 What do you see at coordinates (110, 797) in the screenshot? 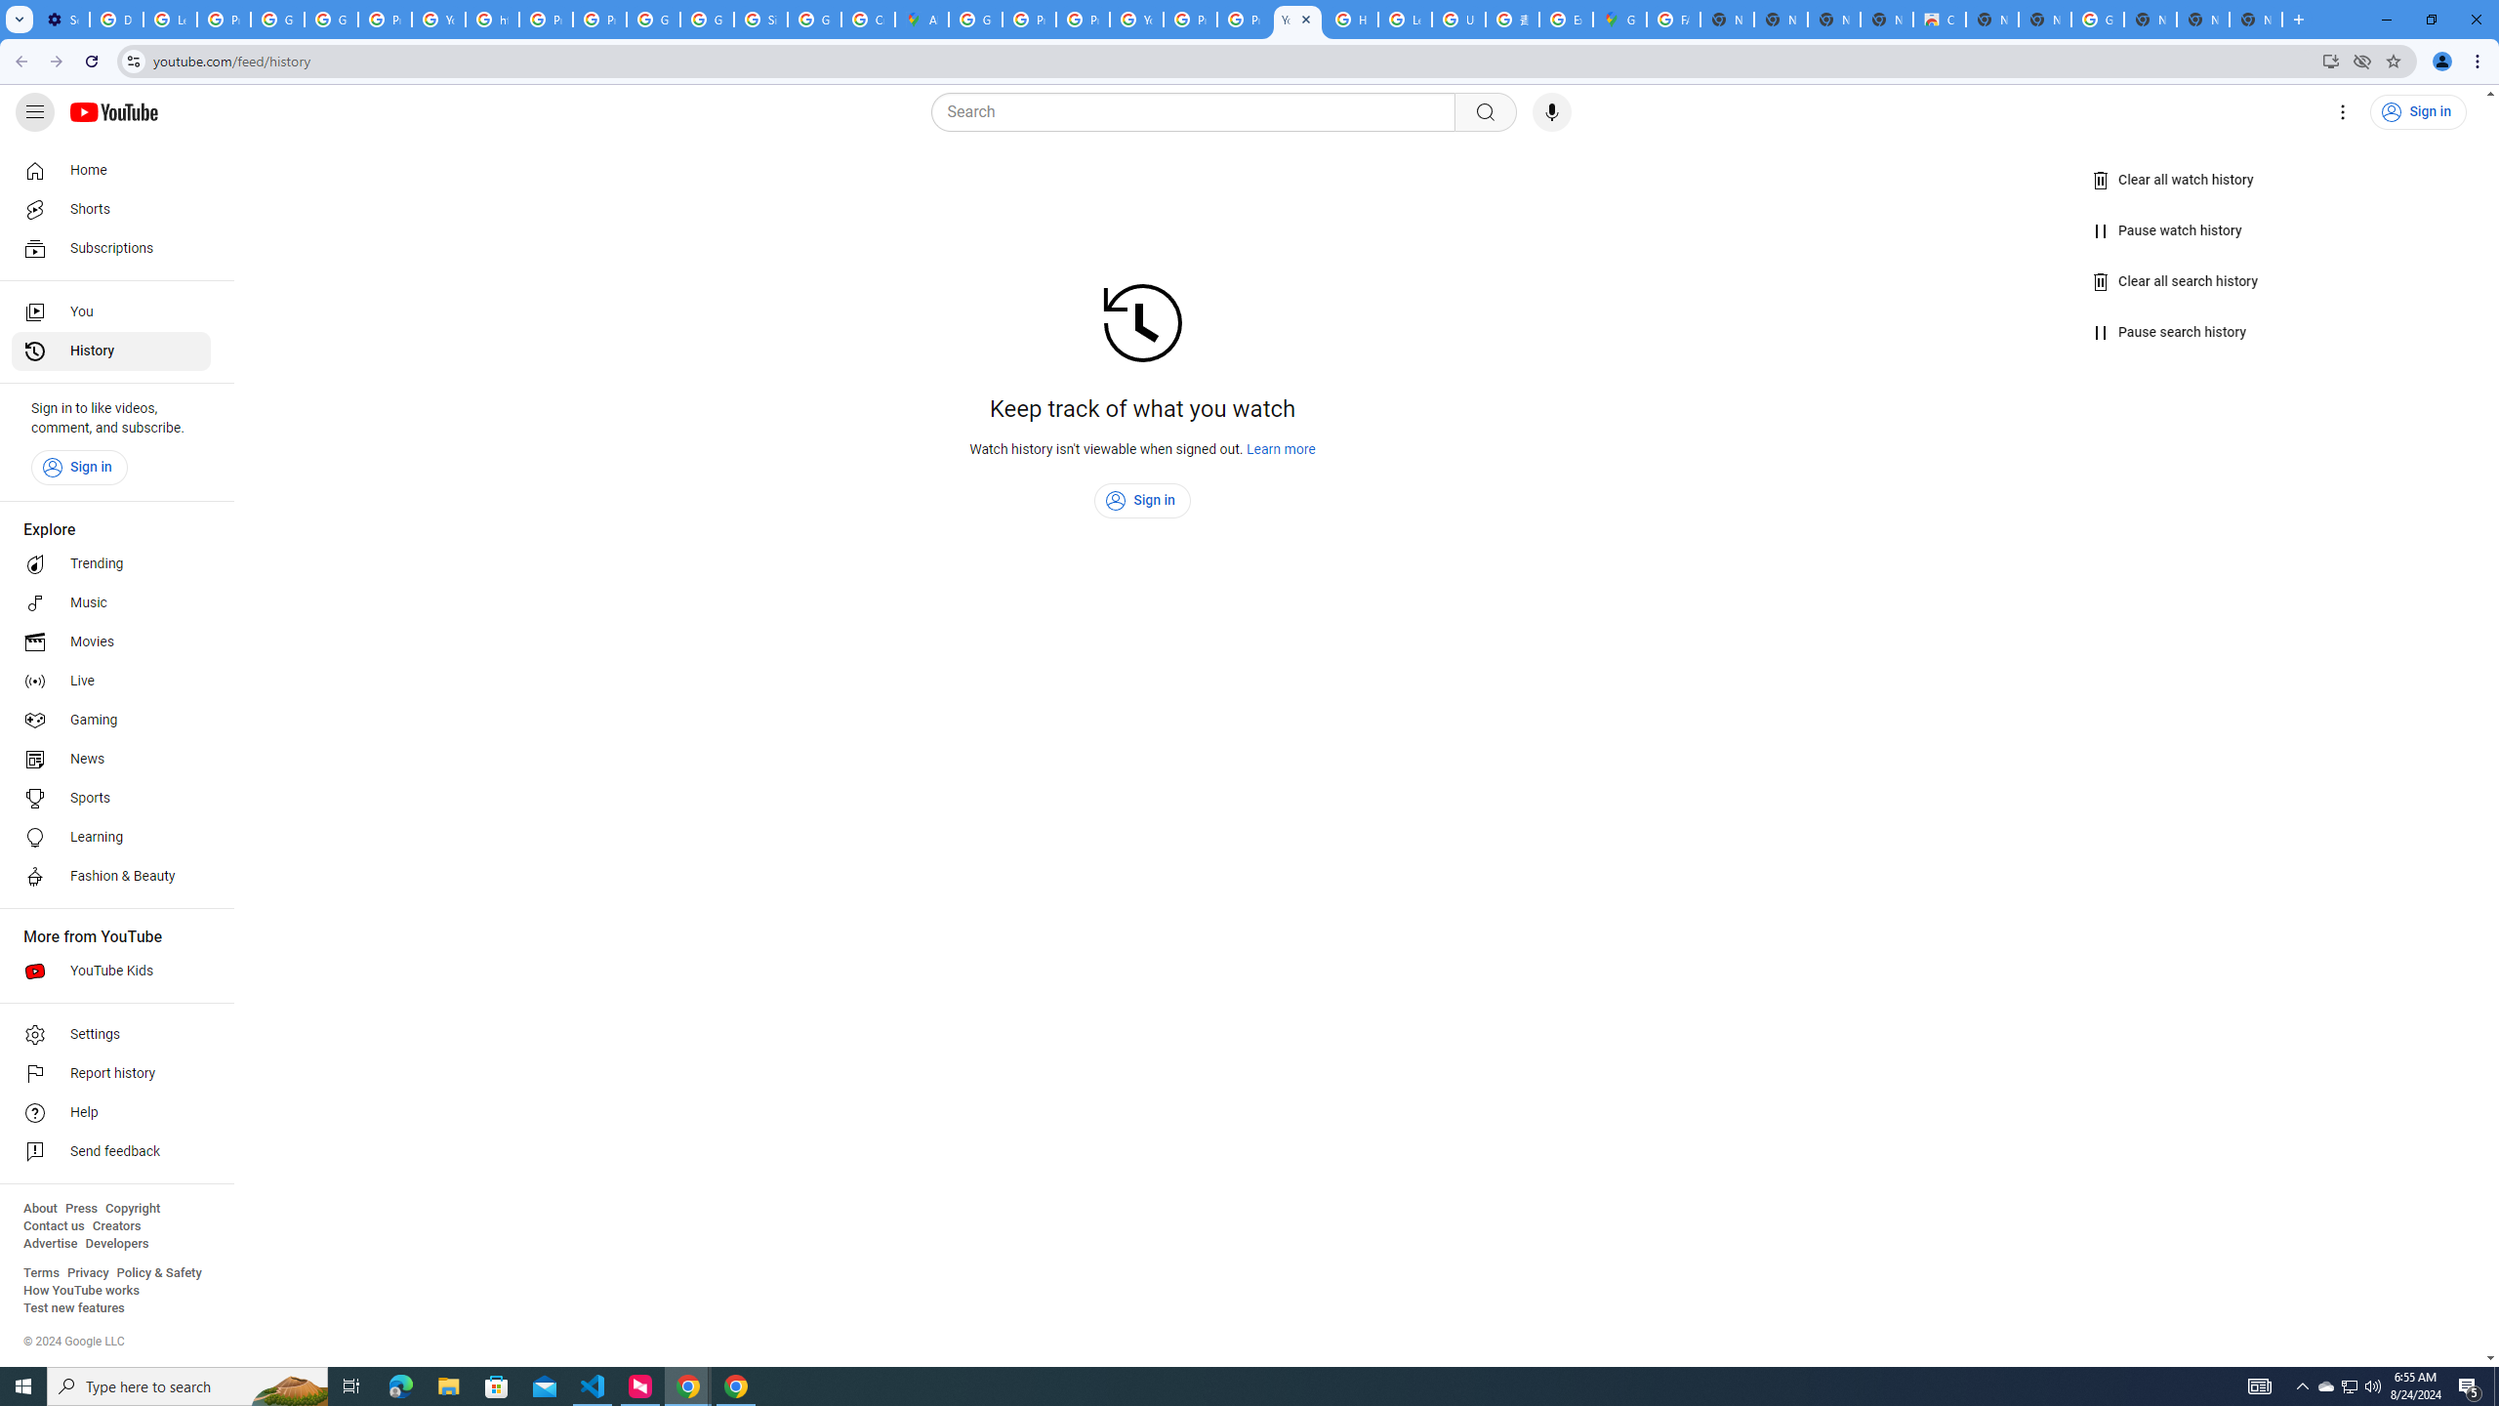
I see `'Sports'` at bounding box center [110, 797].